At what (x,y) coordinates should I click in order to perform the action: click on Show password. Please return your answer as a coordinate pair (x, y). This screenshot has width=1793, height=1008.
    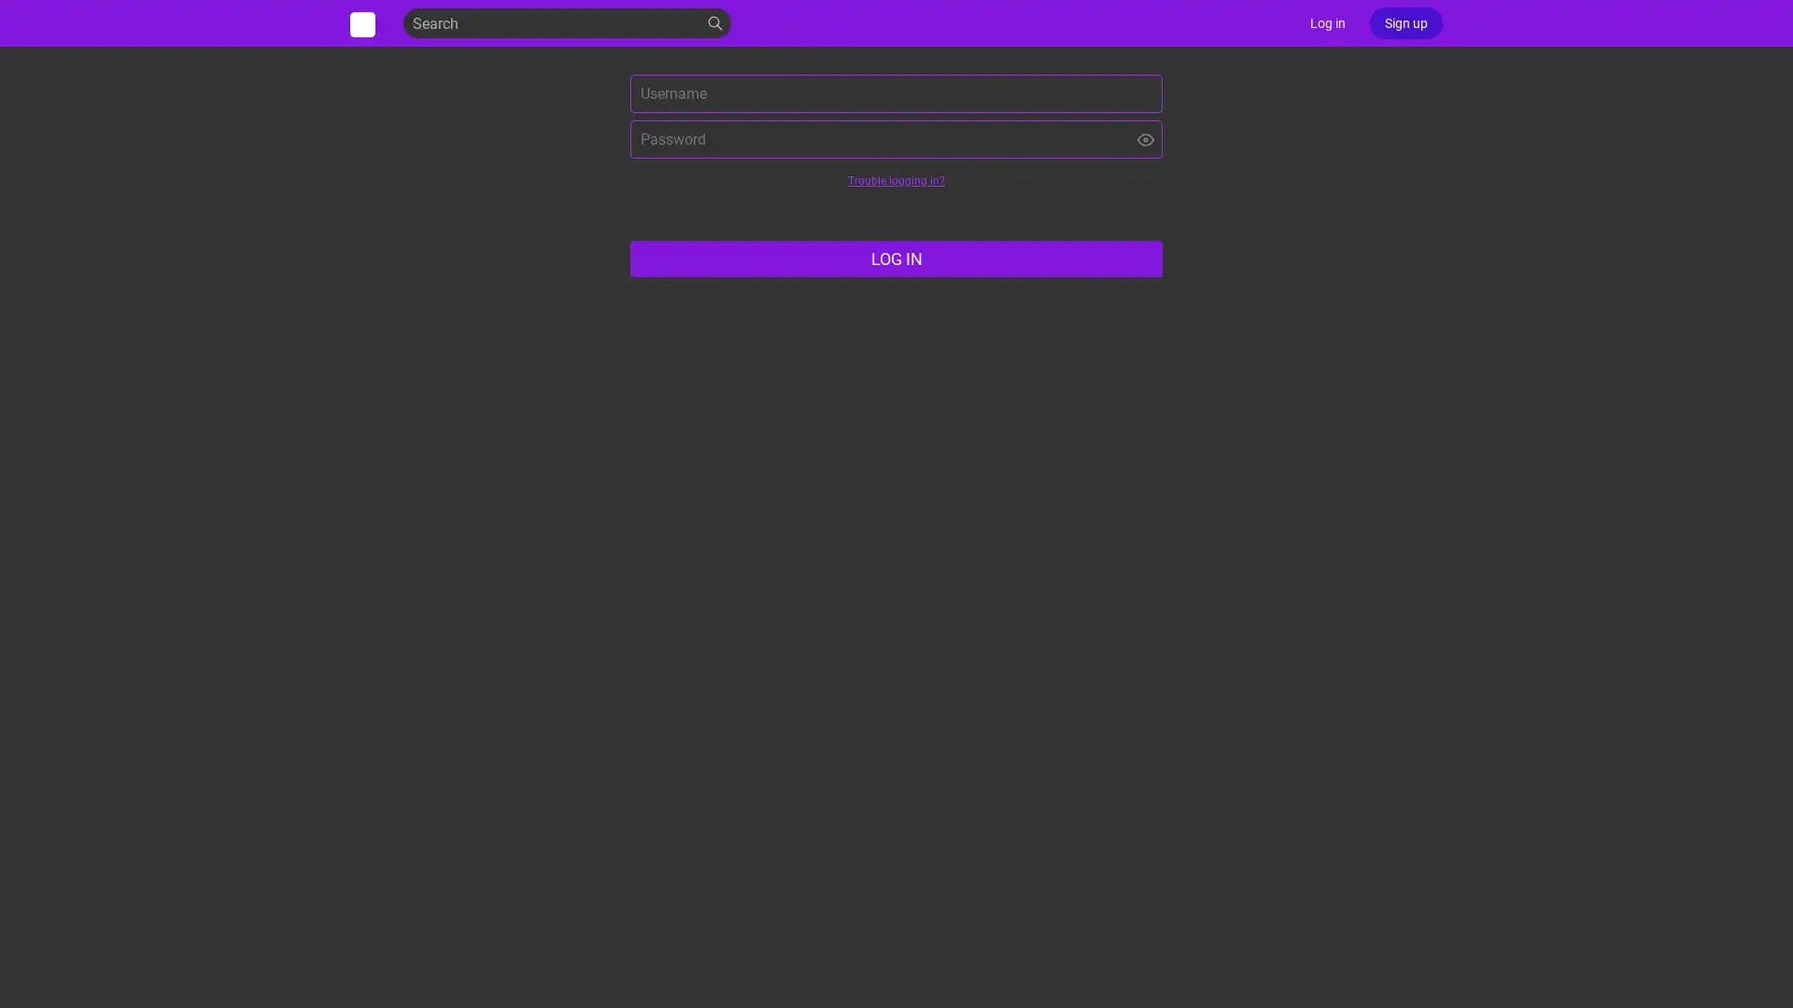
    Looking at the image, I should click on (1145, 138).